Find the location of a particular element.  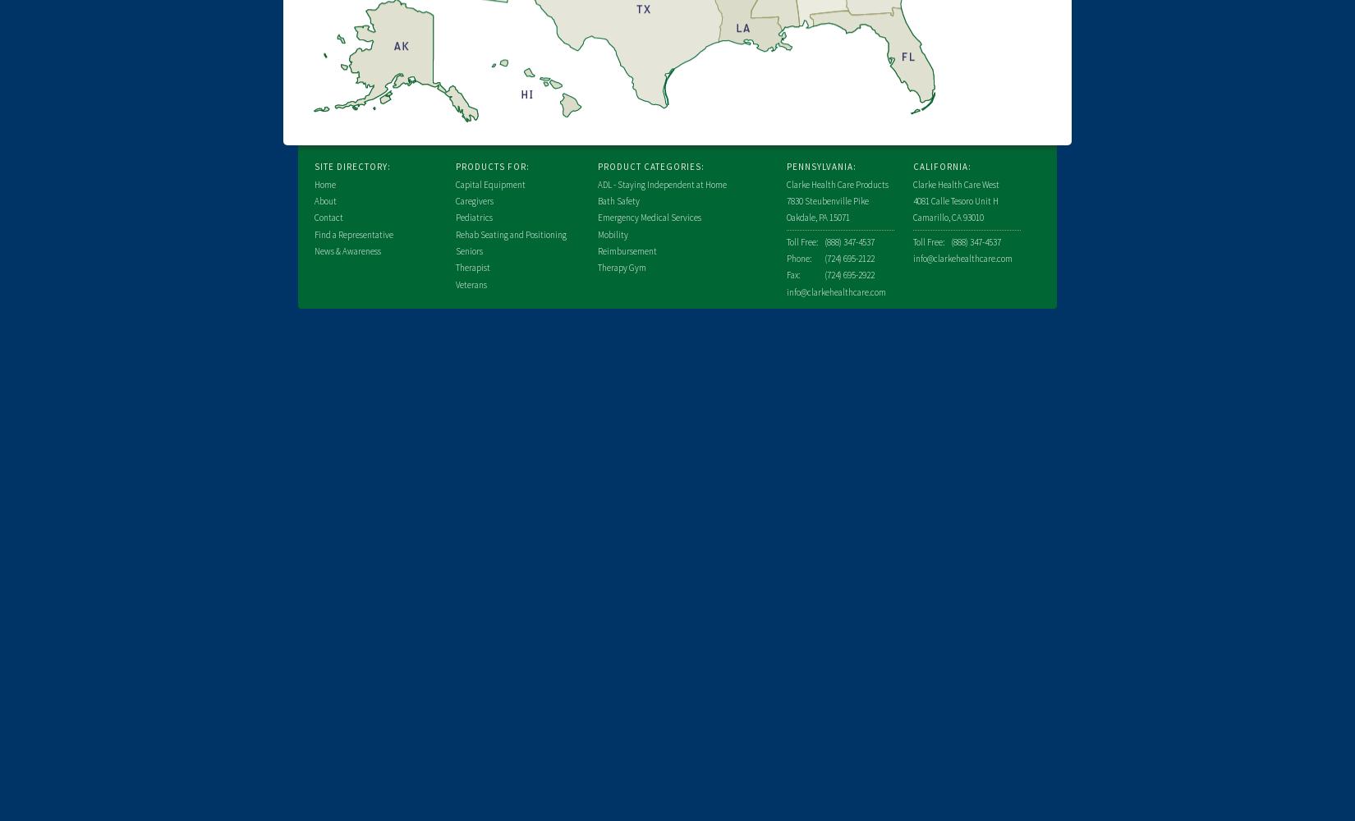

'7830 Steubenville Pike' is located at coordinates (826, 200).